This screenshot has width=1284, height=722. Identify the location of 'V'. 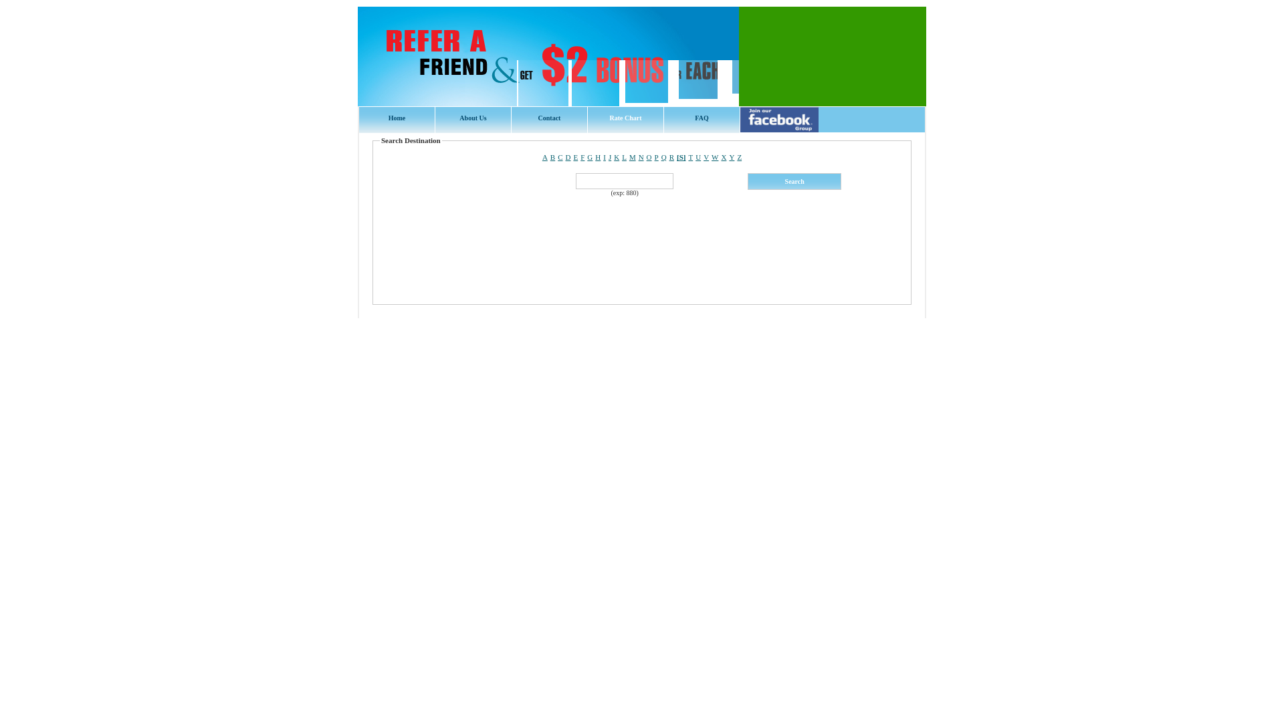
(706, 156).